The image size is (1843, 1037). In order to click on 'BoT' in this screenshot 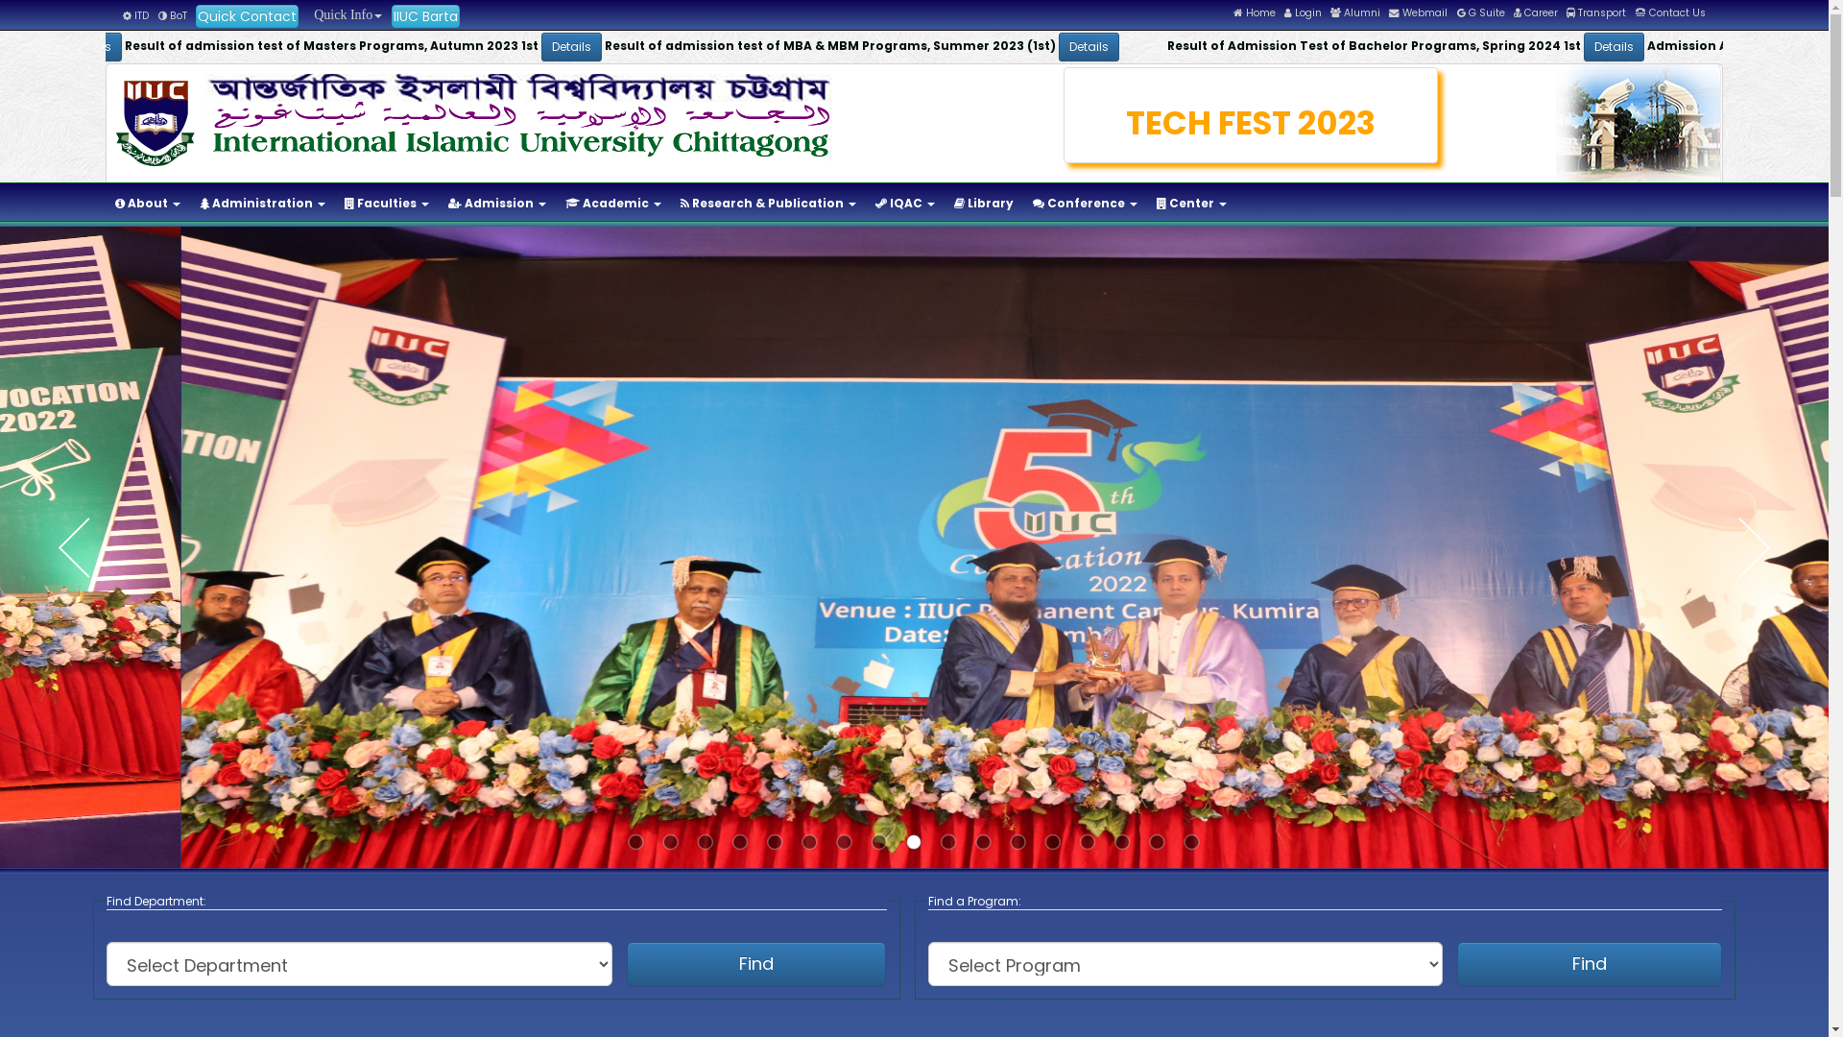, I will do `click(173, 15)`.